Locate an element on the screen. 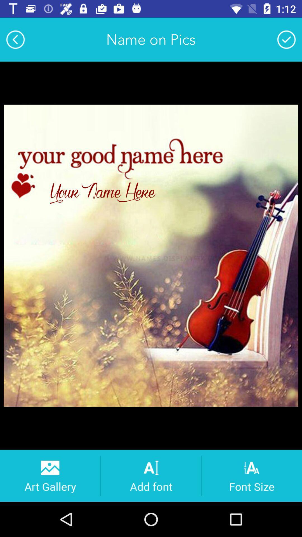 This screenshot has height=537, width=302. go back is located at coordinates (15, 39).